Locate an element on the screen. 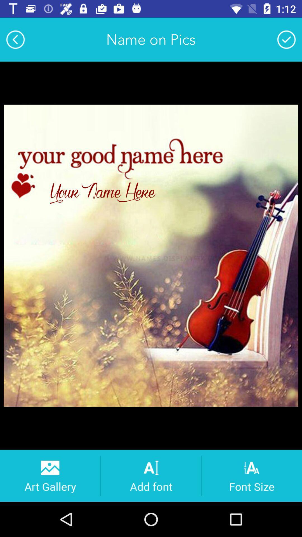 This screenshot has height=537, width=302. go back is located at coordinates (15, 39).